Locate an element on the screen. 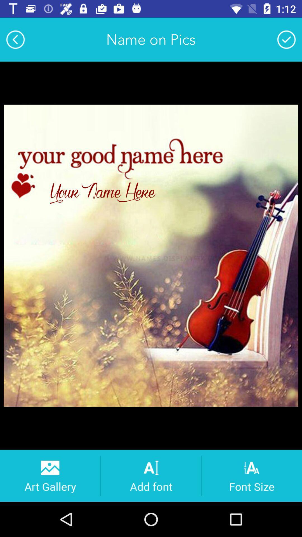 This screenshot has height=537, width=302. go back is located at coordinates (15, 39).